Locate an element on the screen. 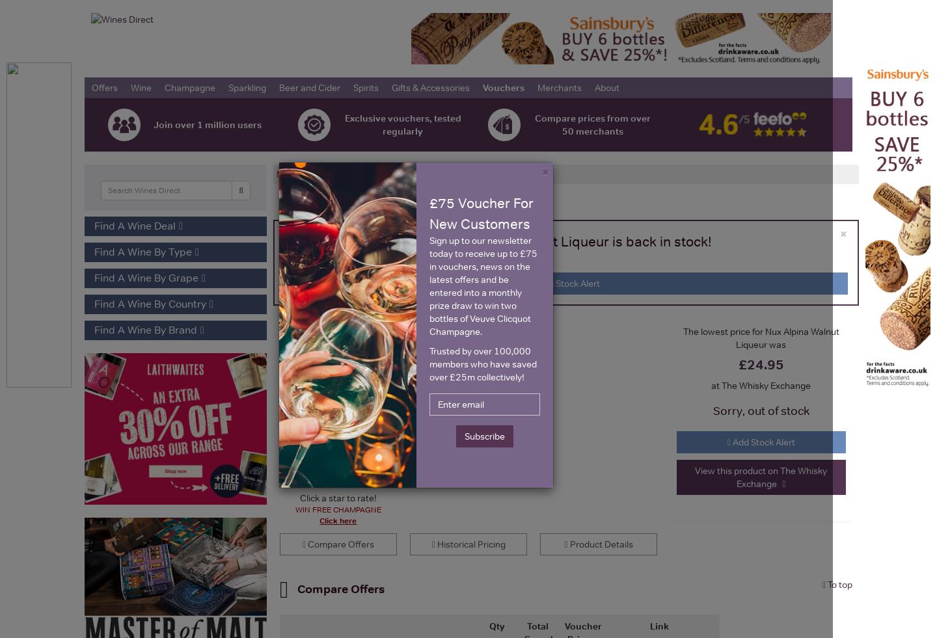 This screenshot has width=937, height=638. 'Subscribe' is located at coordinates (483, 436).